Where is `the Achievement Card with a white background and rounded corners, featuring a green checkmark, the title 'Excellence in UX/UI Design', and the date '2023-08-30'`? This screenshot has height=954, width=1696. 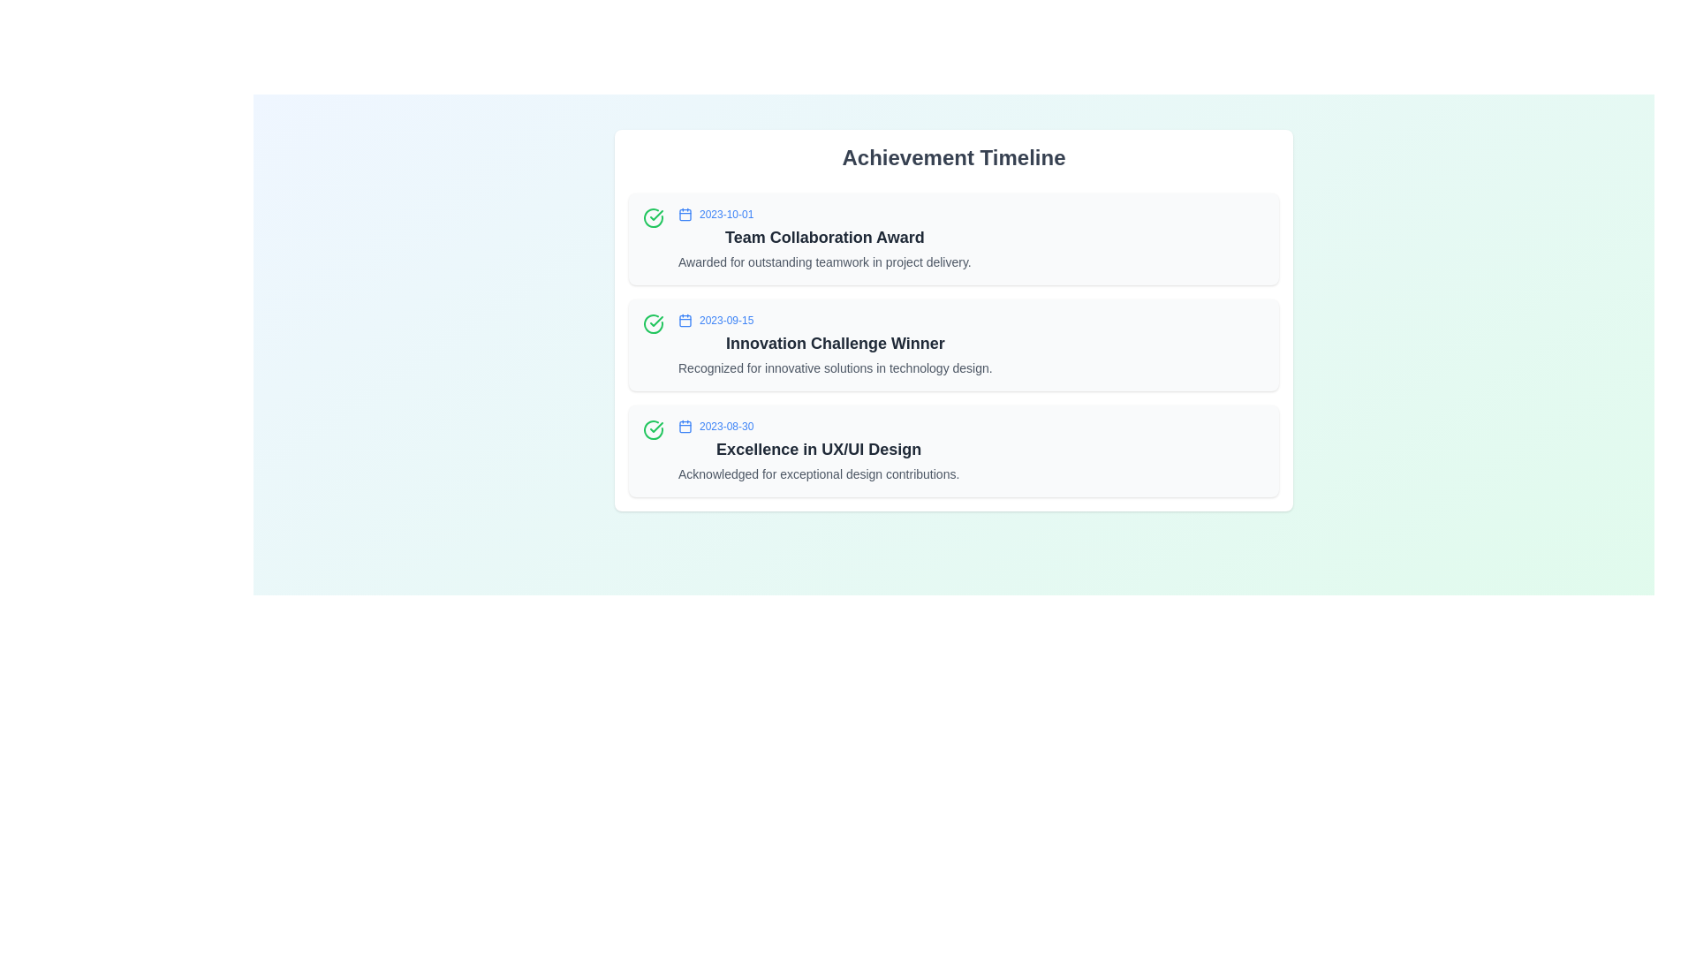 the Achievement Card with a white background and rounded corners, featuring a green checkmark, the title 'Excellence in UX/UI Design', and the date '2023-08-30' is located at coordinates (953, 450).